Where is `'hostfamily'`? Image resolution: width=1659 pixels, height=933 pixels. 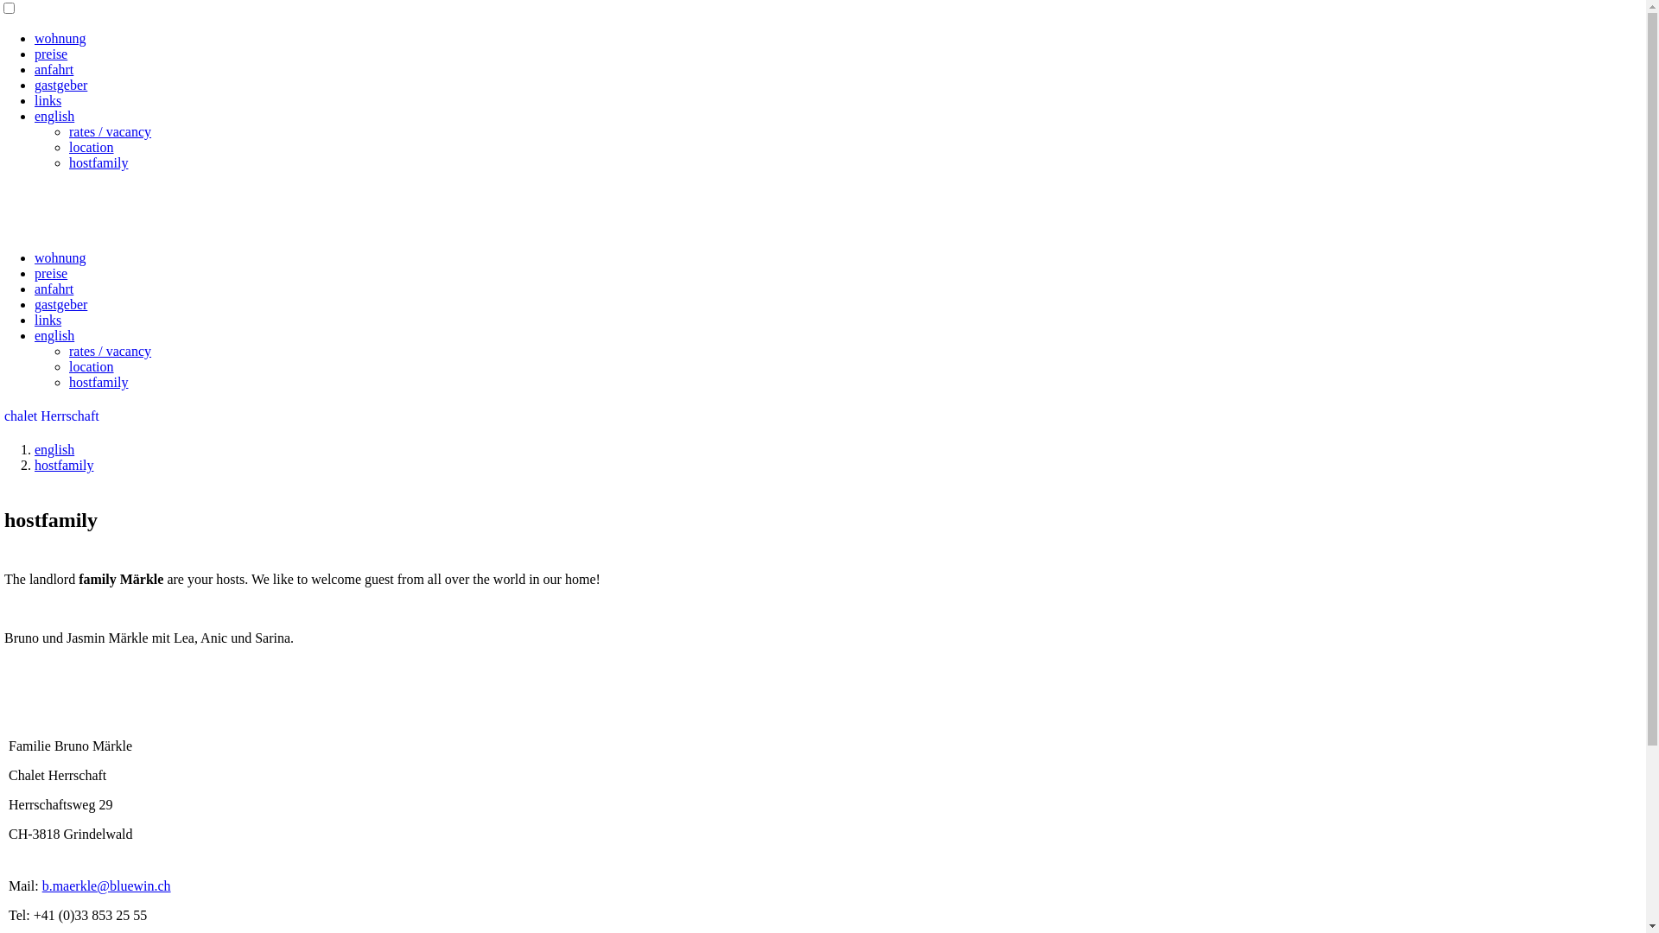
'hostfamily' is located at coordinates (69, 162).